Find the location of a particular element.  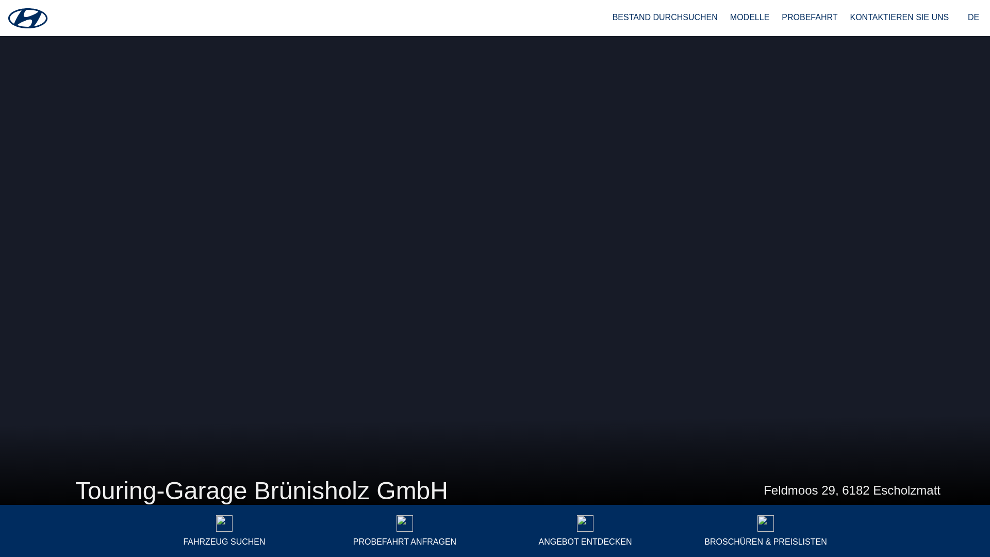

'PROBEFAHRT' is located at coordinates (782, 18).